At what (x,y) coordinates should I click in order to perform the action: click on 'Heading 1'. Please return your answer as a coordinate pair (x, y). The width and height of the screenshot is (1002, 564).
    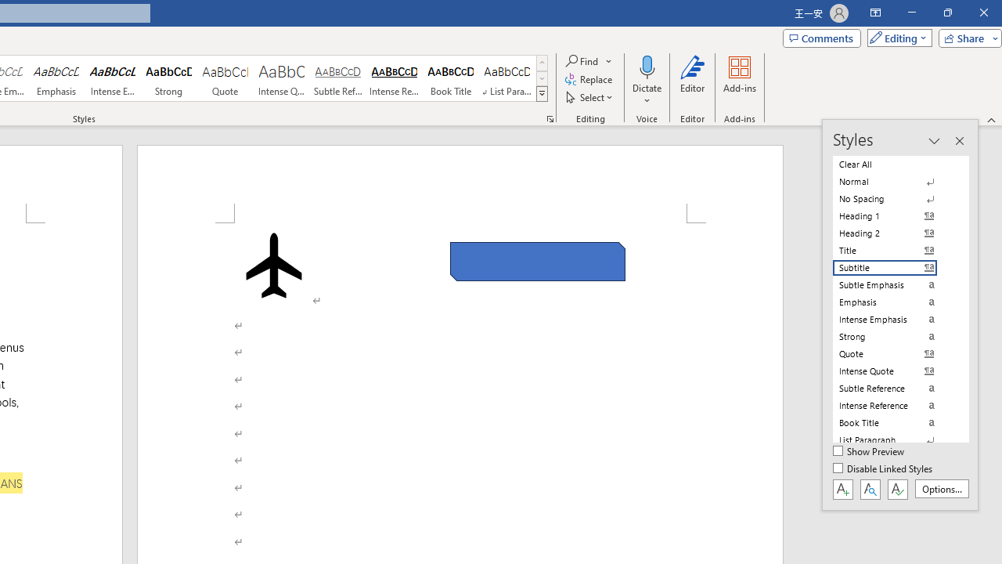
    Looking at the image, I should click on (894, 216).